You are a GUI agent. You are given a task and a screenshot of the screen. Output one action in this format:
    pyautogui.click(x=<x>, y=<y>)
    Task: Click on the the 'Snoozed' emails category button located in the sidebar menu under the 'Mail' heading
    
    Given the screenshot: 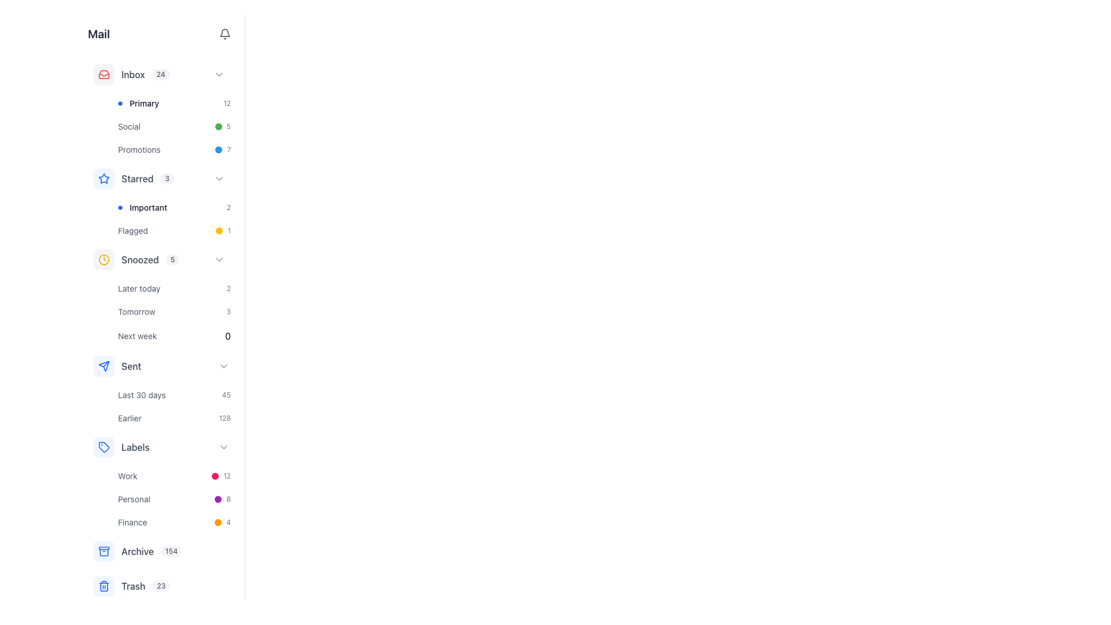 What is the action you would take?
    pyautogui.click(x=161, y=259)
    